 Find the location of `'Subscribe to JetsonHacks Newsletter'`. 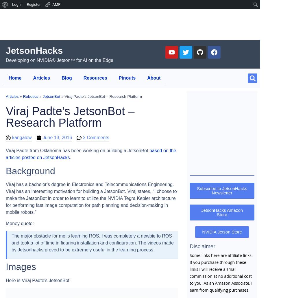

'Subscribe to JetsonHacks Newsletter' is located at coordinates (197, 190).